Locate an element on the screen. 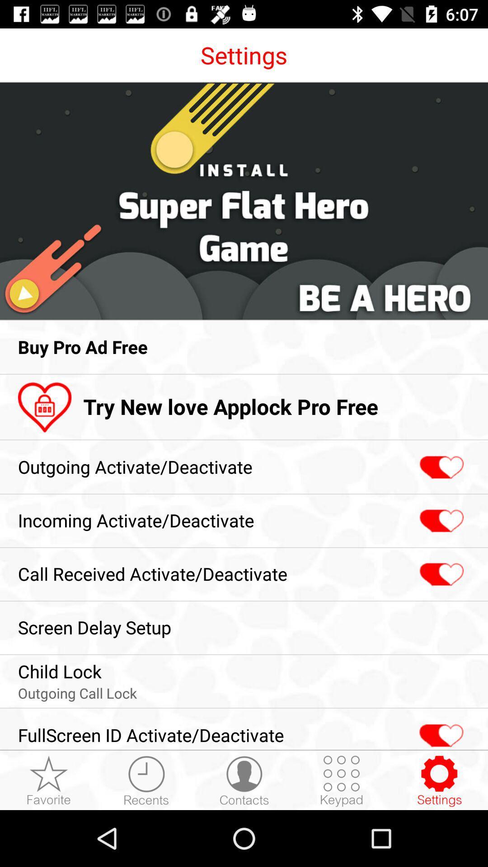 The width and height of the screenshot is (488, 867). the favorite icon is located at coordinates (440, 521).